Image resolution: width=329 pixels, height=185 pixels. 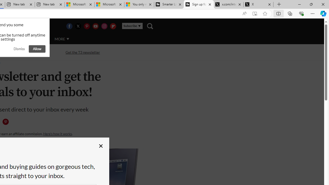 What do you see at coordinates (104, 26) in the screenshot?
I see `'Visit us on Instagram'` at bounding box center [104, 26].